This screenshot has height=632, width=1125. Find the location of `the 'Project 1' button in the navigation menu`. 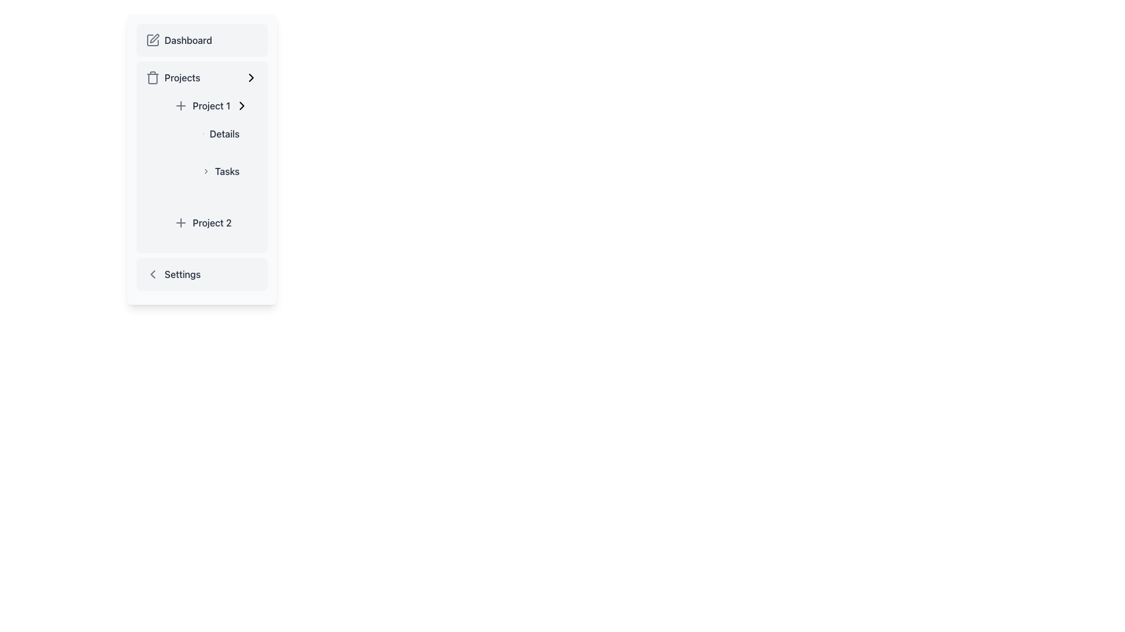

the 'Project 1' button in the navigation menu is located at coordinates (211, 106).